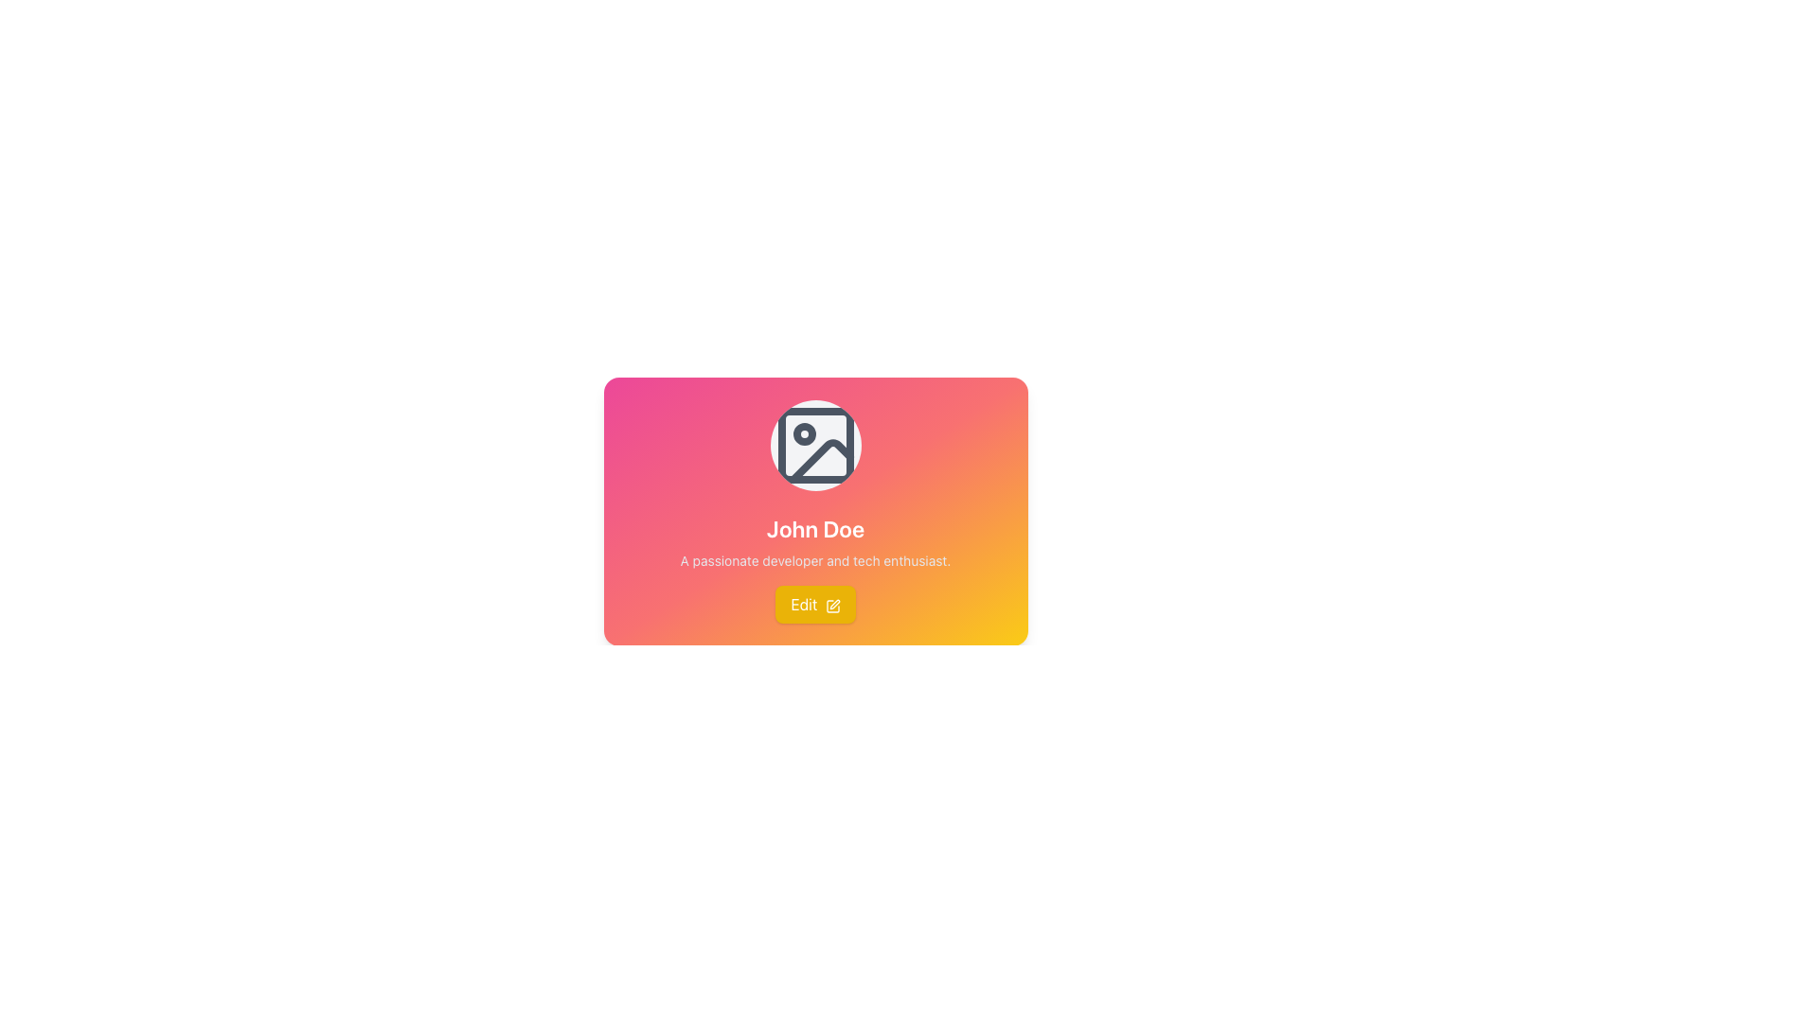 This screenshot has width=1818, height=1022. What do you see at coordinates (832, 606) in the screenshot?
I see `the decorative pen icon located within the yellow 'Edit' button at the bottom of the user's profile card` at bounding box center [832, 606].